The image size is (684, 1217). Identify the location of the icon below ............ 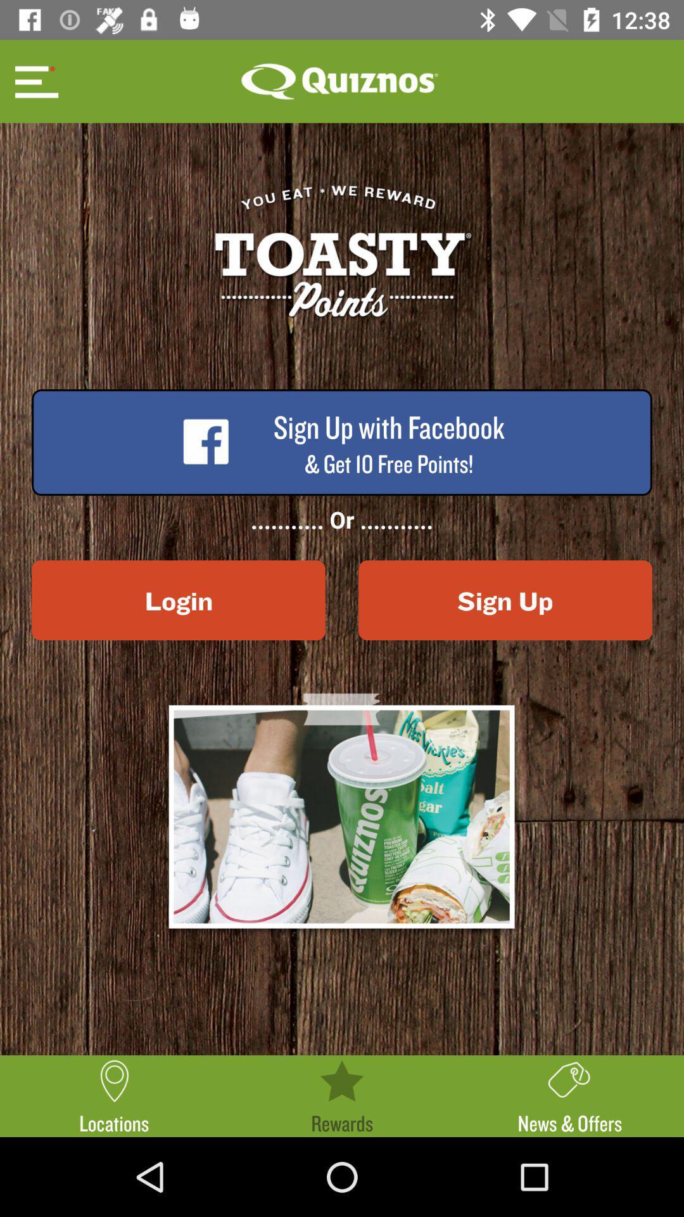
(178, 600).